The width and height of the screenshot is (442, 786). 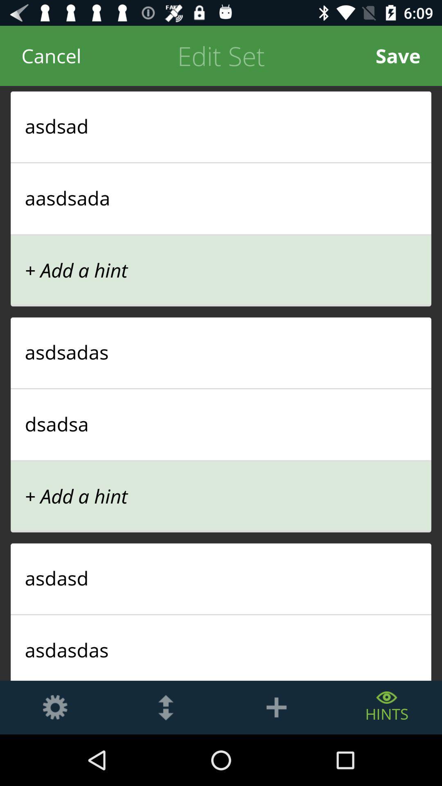 I want to click on icon to the right of edit set, so click(x=397, y=55).